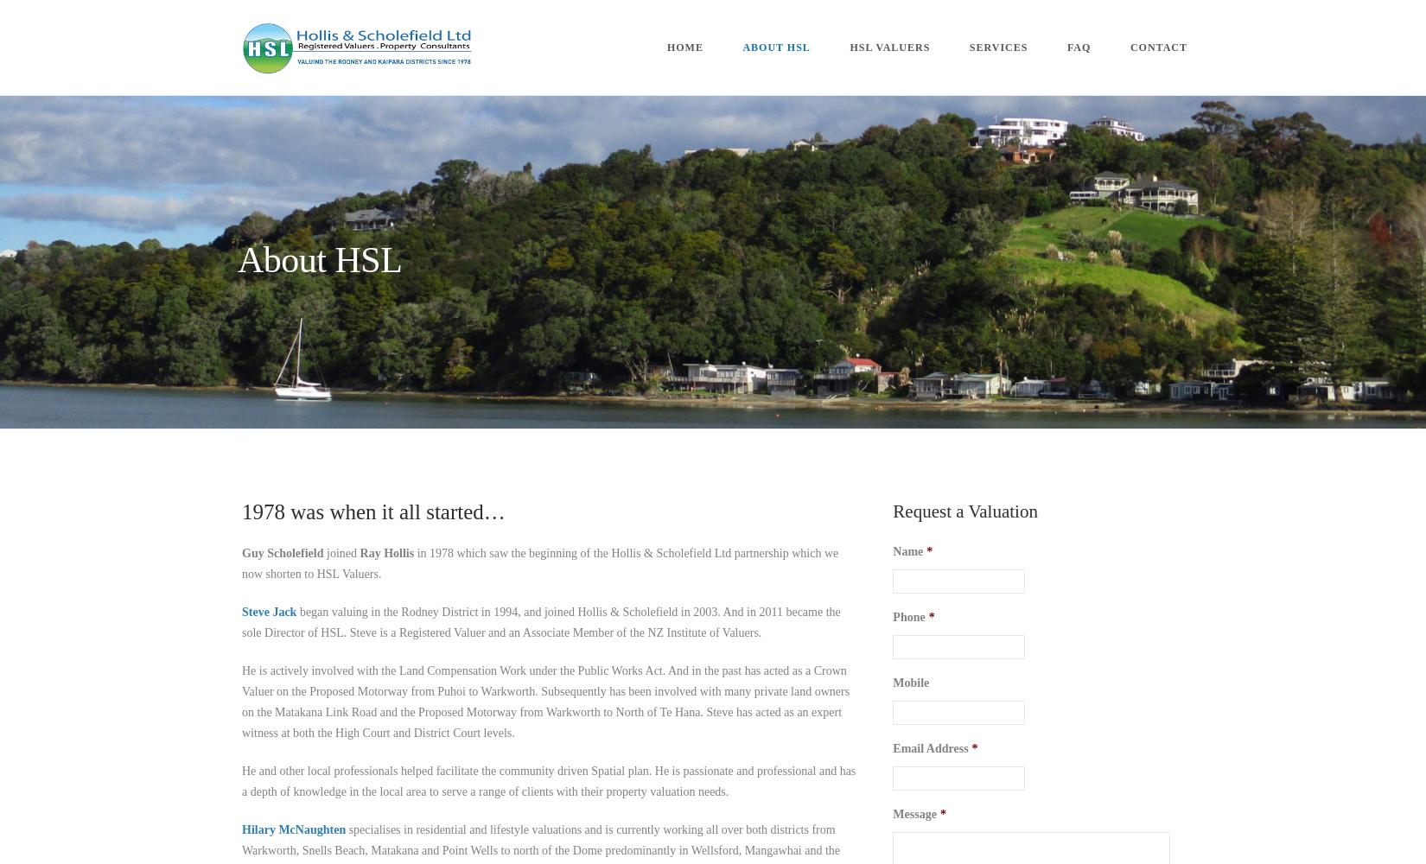  What do you see at coordinates (889, 48) in the screenshot?
I see `'HSL Valuers'` at bounding box center [889, 48].